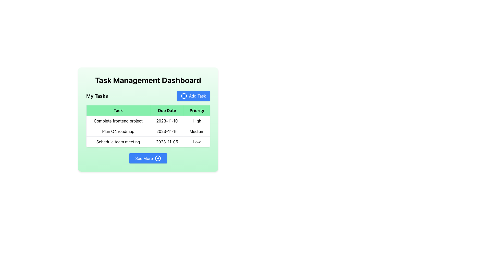 The width and height of the screenshot is (490, 275). I want to click on the 'Due Date' label, which is a static text element with a black font on a green background, located between the 'Task' and 'Priority' headers in a table structure, so click(167, 110).